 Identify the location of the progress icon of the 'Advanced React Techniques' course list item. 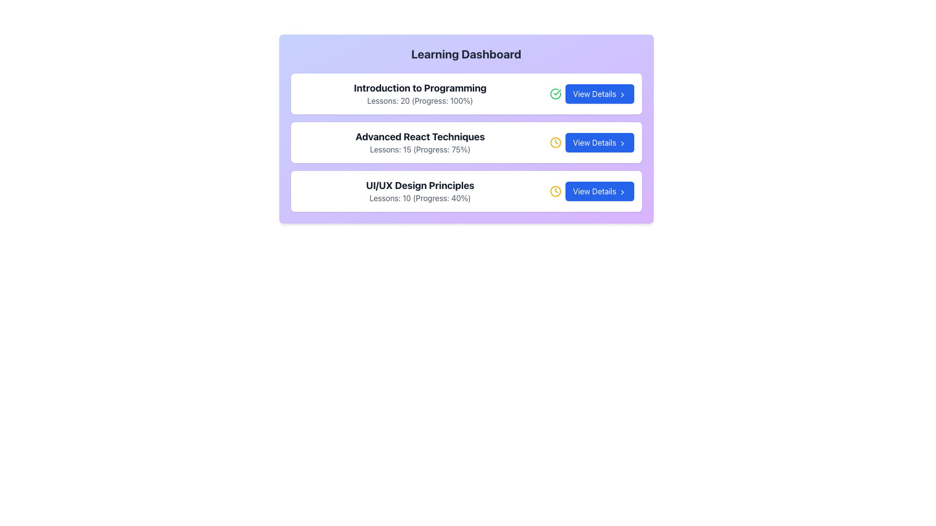
(466, 143).